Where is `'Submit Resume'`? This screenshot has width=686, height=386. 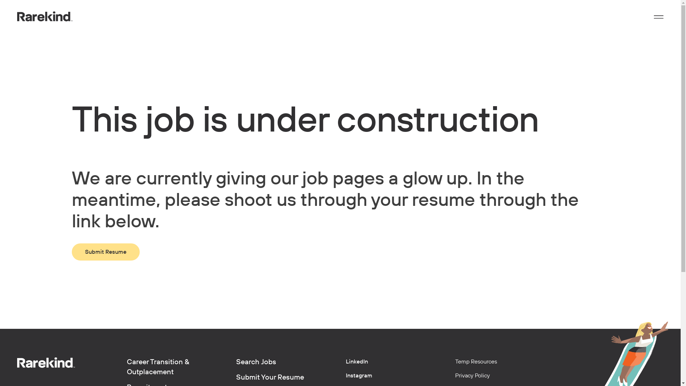 'Submit Resume' is located at coordinates (105, 252).